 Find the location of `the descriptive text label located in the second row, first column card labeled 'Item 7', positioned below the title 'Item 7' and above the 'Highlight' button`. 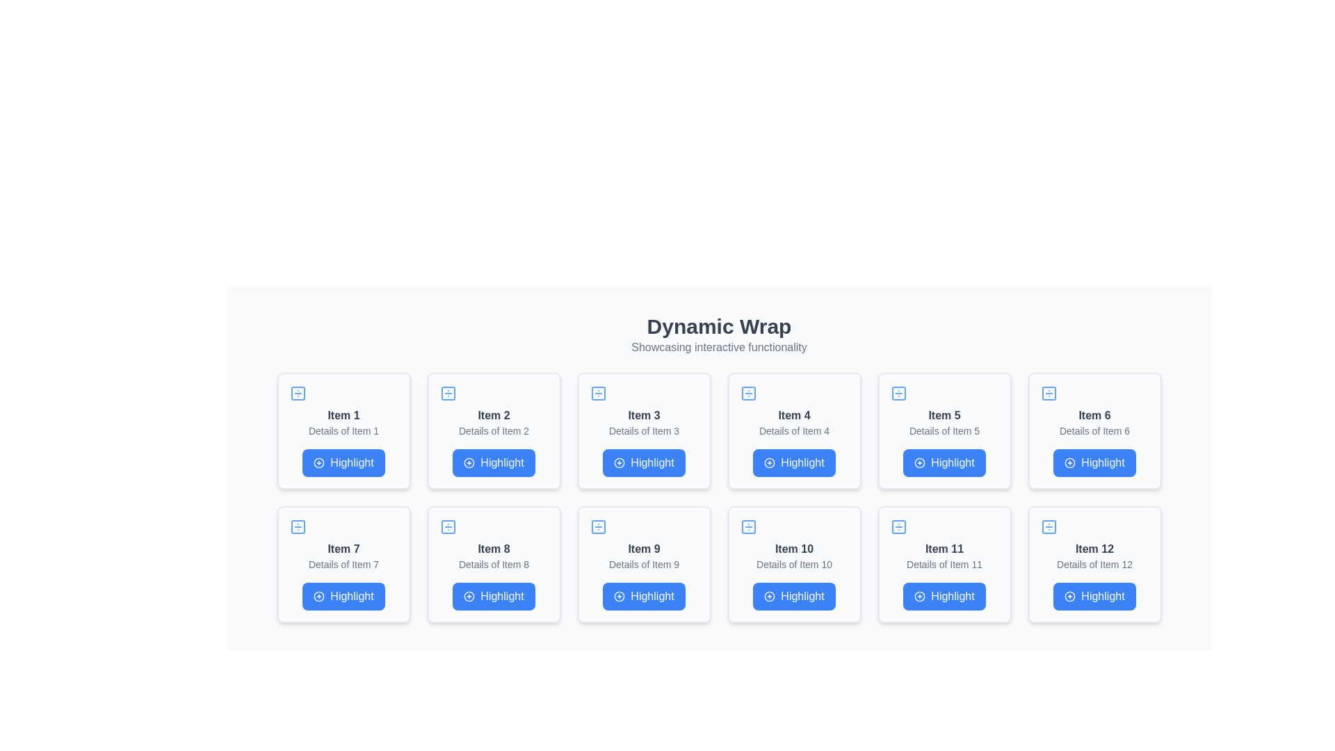

the descriptive text label located in the second row, first column card labeled 'Item 7', positioned below the title 'Item 7' and above the 'Highlight' button is located at coordinates (343, 565).